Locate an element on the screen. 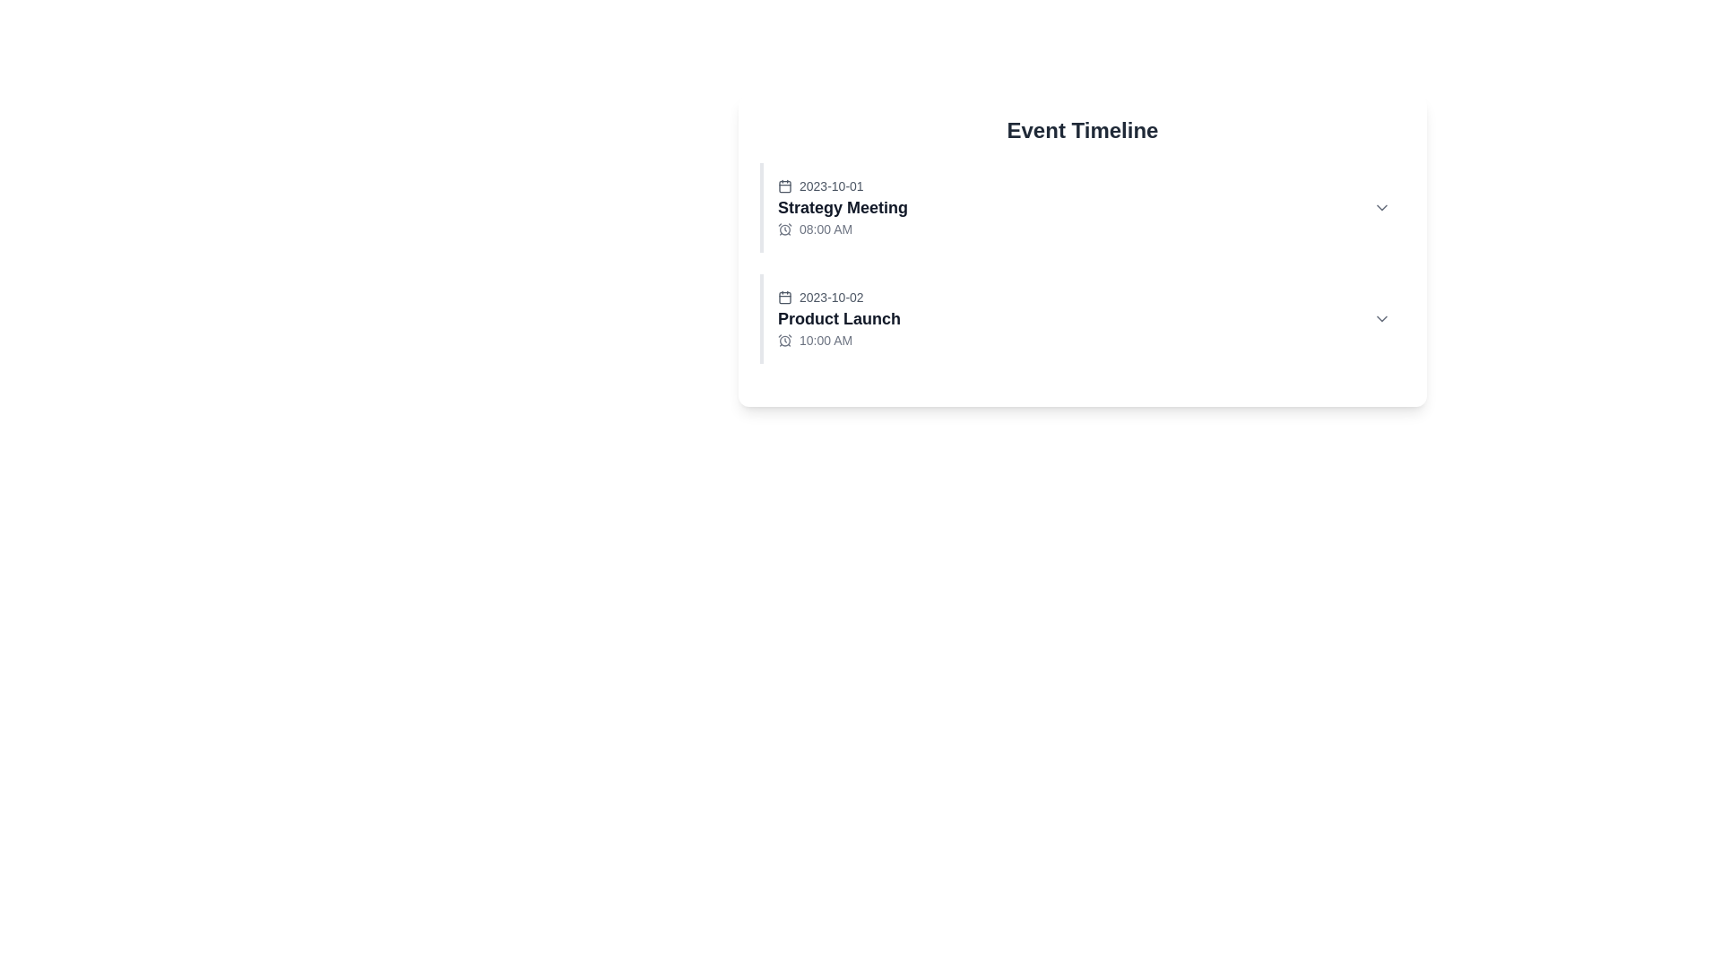  the calendar body element of the calendar icon located to the left of the text '2023-10-02 Product Launch' in the event timeline is located at coordinates (784, 296).